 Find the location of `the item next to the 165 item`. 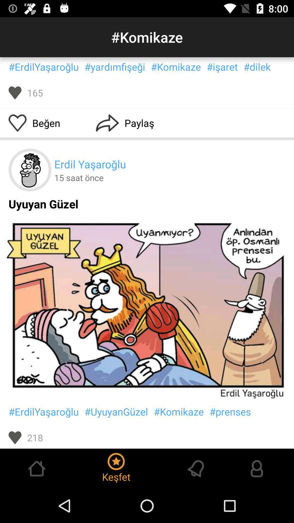

the item next to the 165 item is located at coordinates (15, 93).